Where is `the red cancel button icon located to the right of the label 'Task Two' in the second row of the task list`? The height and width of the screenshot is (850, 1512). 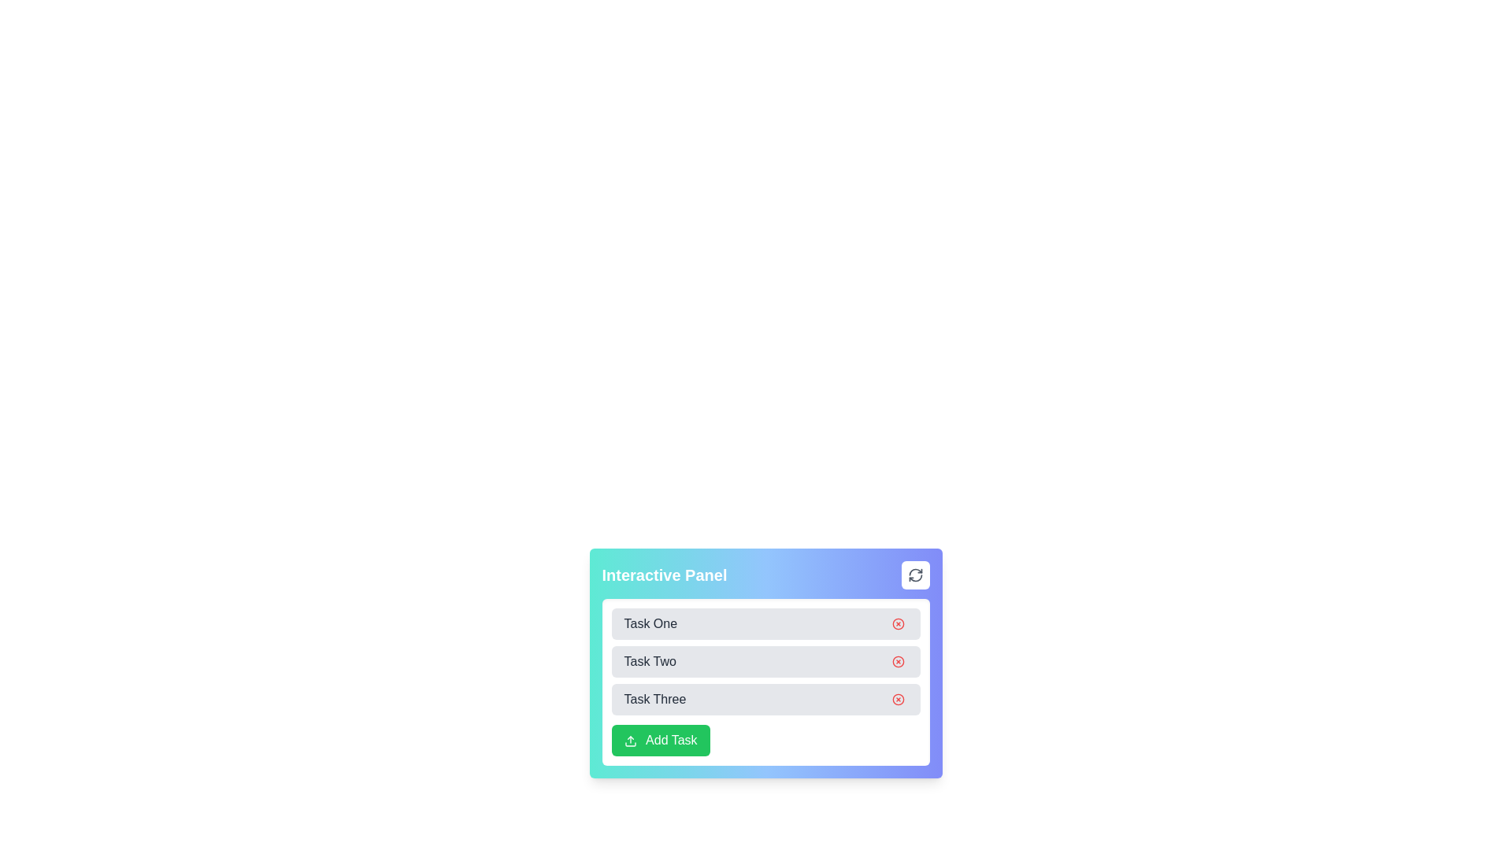
the red cancel button icon located to the right of the label 'Task Two' in the second row of the task list is located at coordinates (898, 661).